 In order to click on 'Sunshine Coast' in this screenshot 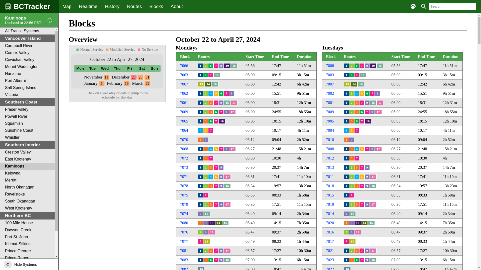, I will do `click(27, 130)`.